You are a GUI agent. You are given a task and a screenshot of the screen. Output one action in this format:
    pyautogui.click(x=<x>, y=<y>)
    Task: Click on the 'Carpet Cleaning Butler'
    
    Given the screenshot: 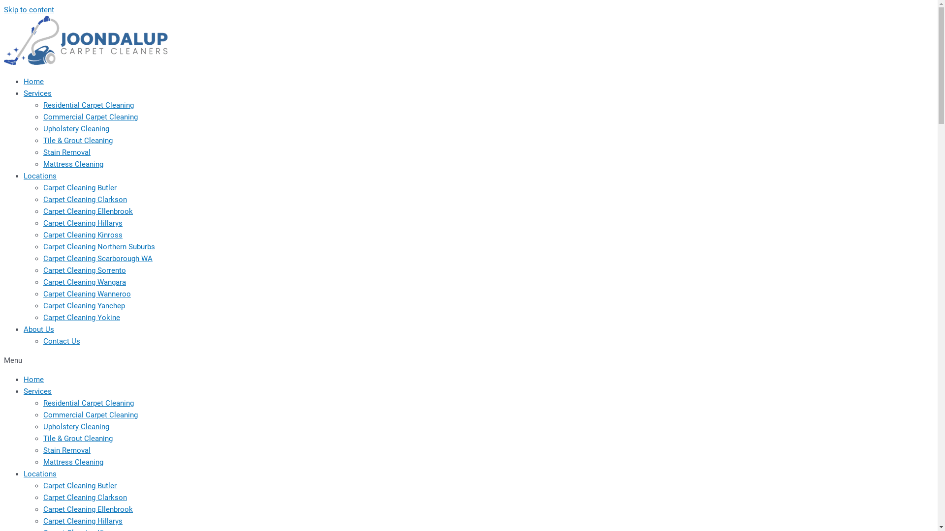 What is the action you would take?
    pyautogui.click(x=80, y=187)
    